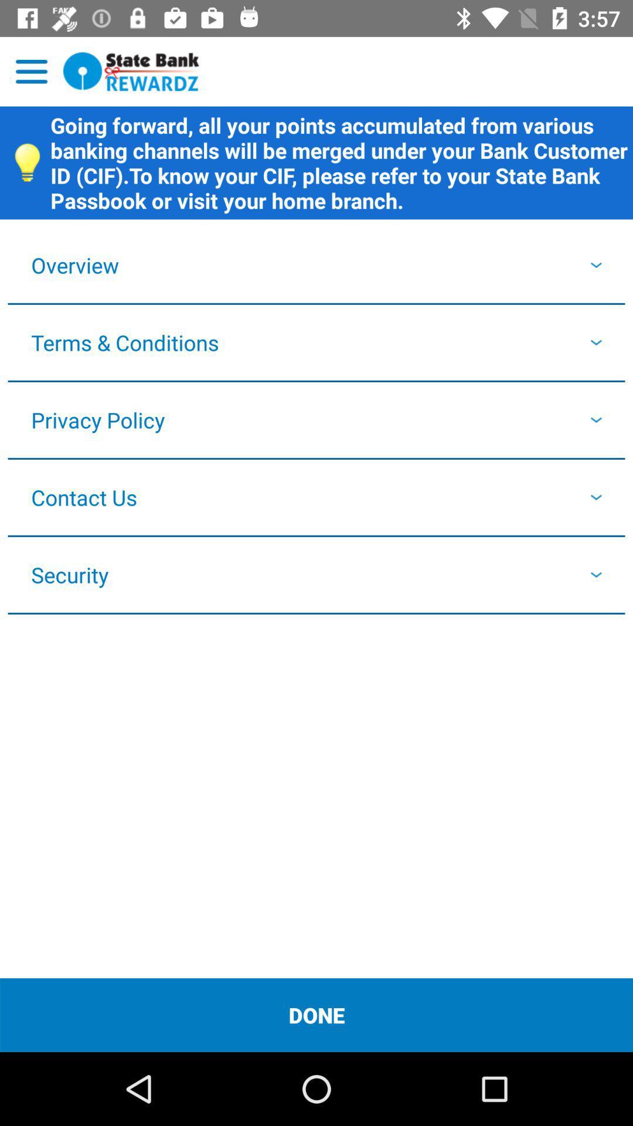 The width and height of the screenshot is (633, 1126). I want to click on give me another option, so click(31, 71).